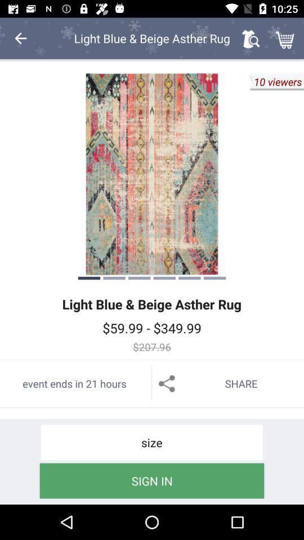  I want to click on icon next to the 10 viewers, so click(152, 174).